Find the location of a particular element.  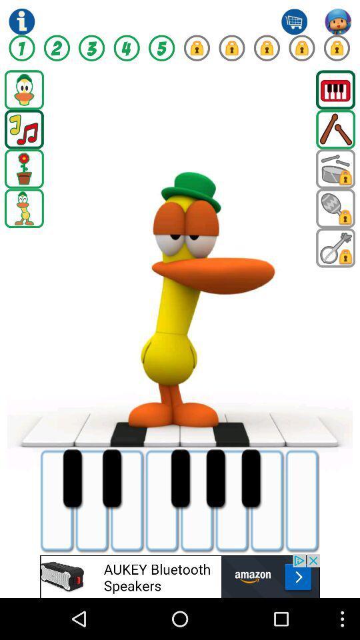

the lock icon is located at coordinates (301, 51).